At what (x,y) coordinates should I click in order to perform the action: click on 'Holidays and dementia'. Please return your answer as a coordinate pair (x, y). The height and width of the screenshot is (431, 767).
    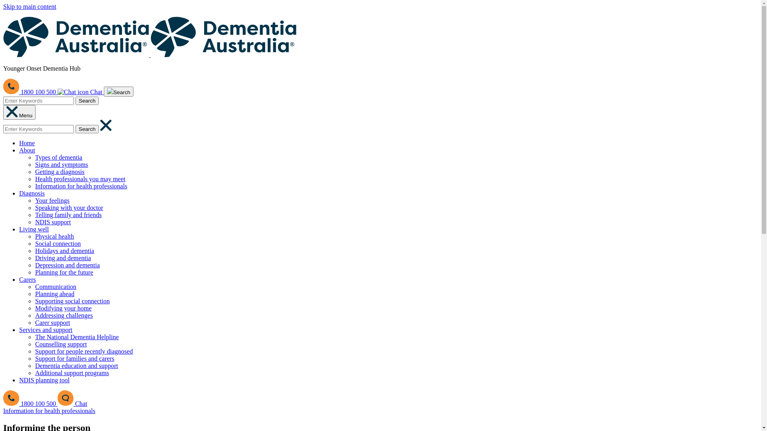
    Looking at the image, I should click on (65, 250).